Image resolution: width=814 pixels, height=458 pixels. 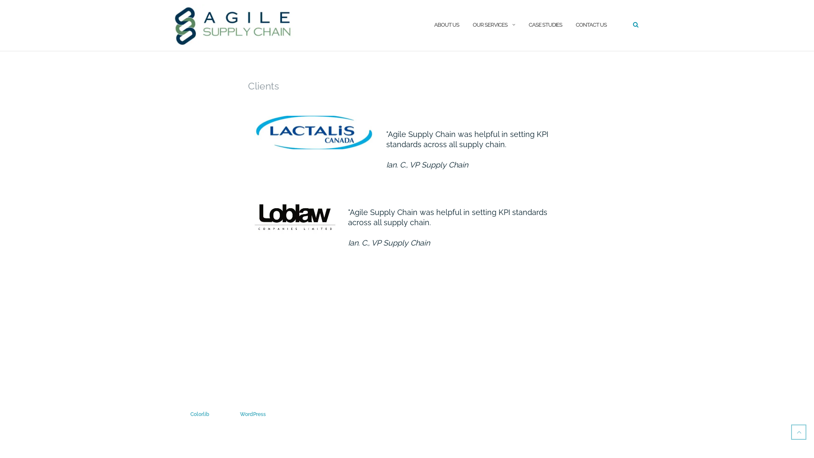 I want to click on 'WordPress', so click(x=240, y=413).